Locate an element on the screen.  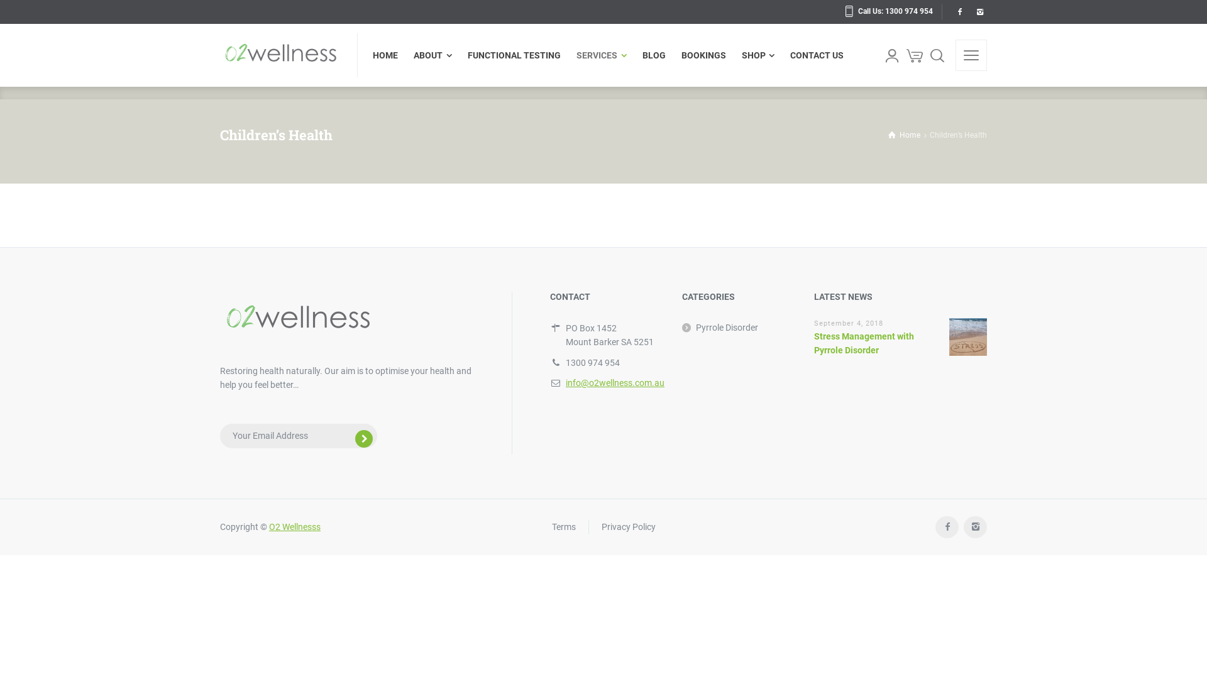
'ABOUT' is located at coordinates (433, 55).